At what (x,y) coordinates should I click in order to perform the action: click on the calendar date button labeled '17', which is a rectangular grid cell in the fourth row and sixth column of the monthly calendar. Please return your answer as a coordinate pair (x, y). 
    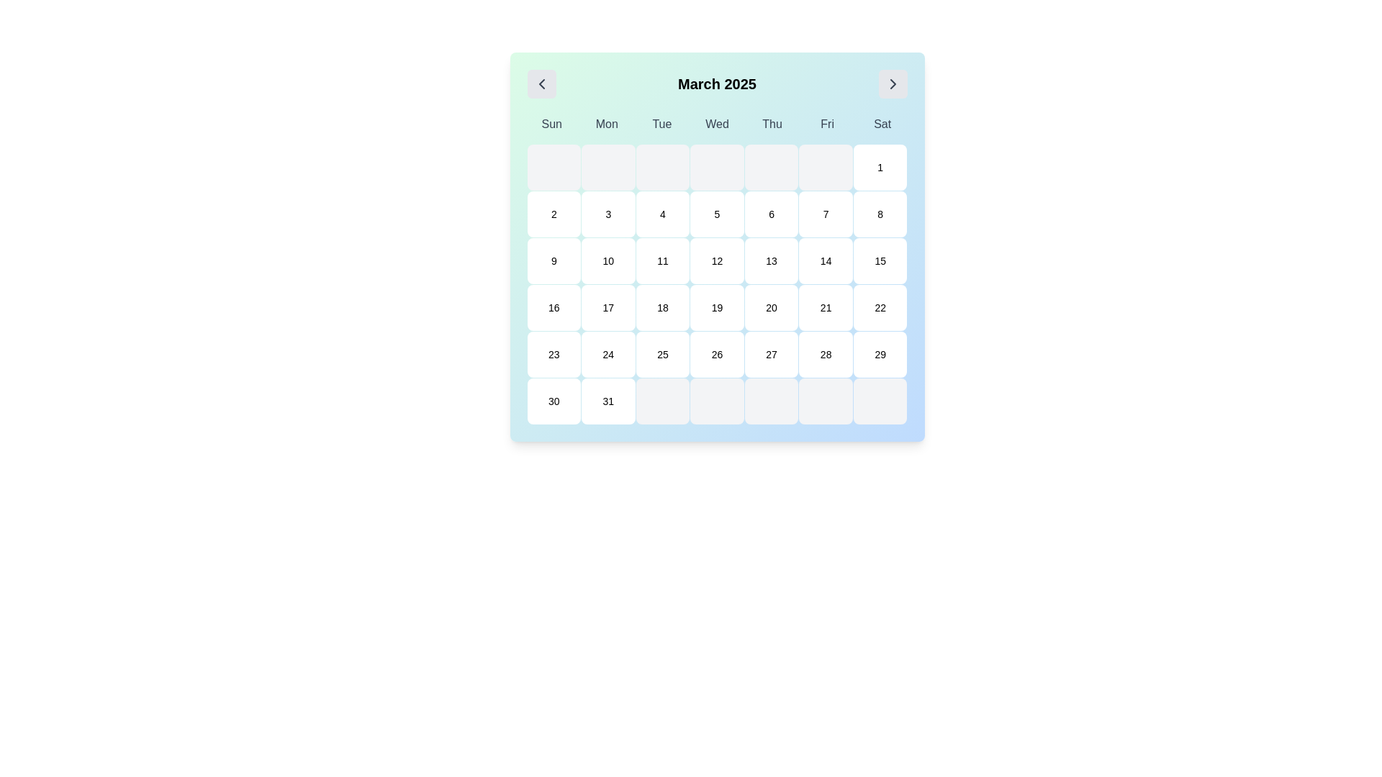
    Looking at the image, I should click on (608, 307).